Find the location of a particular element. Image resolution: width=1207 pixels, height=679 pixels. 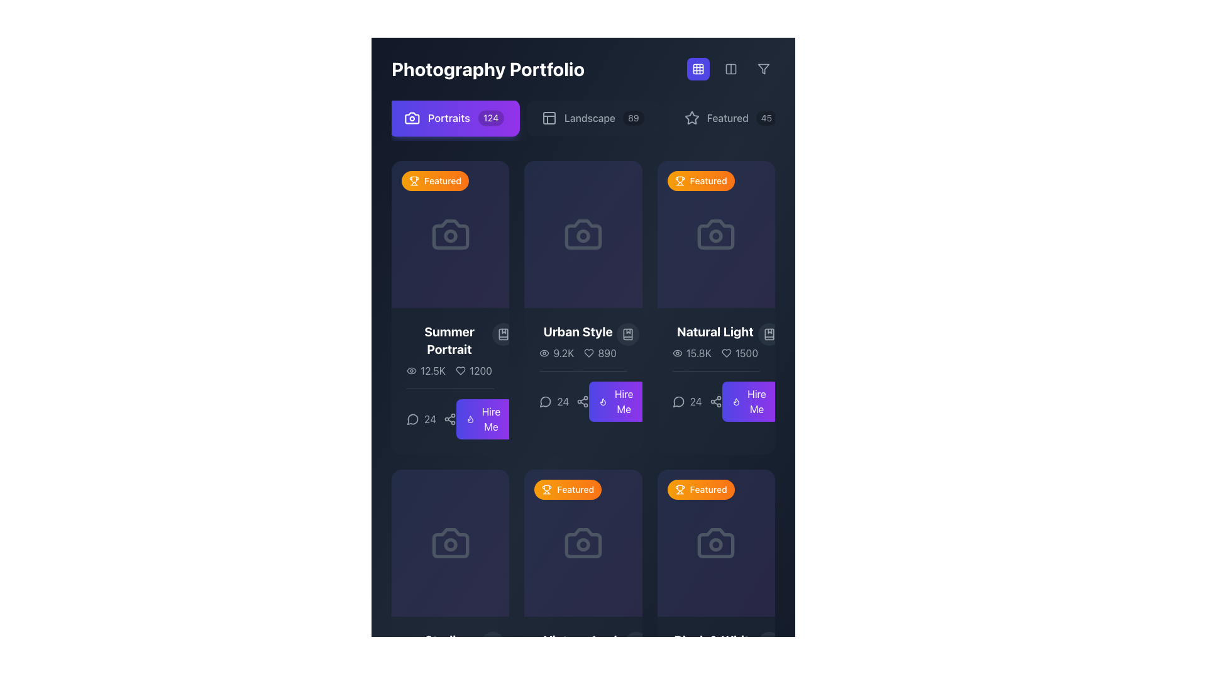

the camera body element within the camera icon on the third card of the second row, which is marked with the 'Featured' tag is located at coordinates (582, 543).